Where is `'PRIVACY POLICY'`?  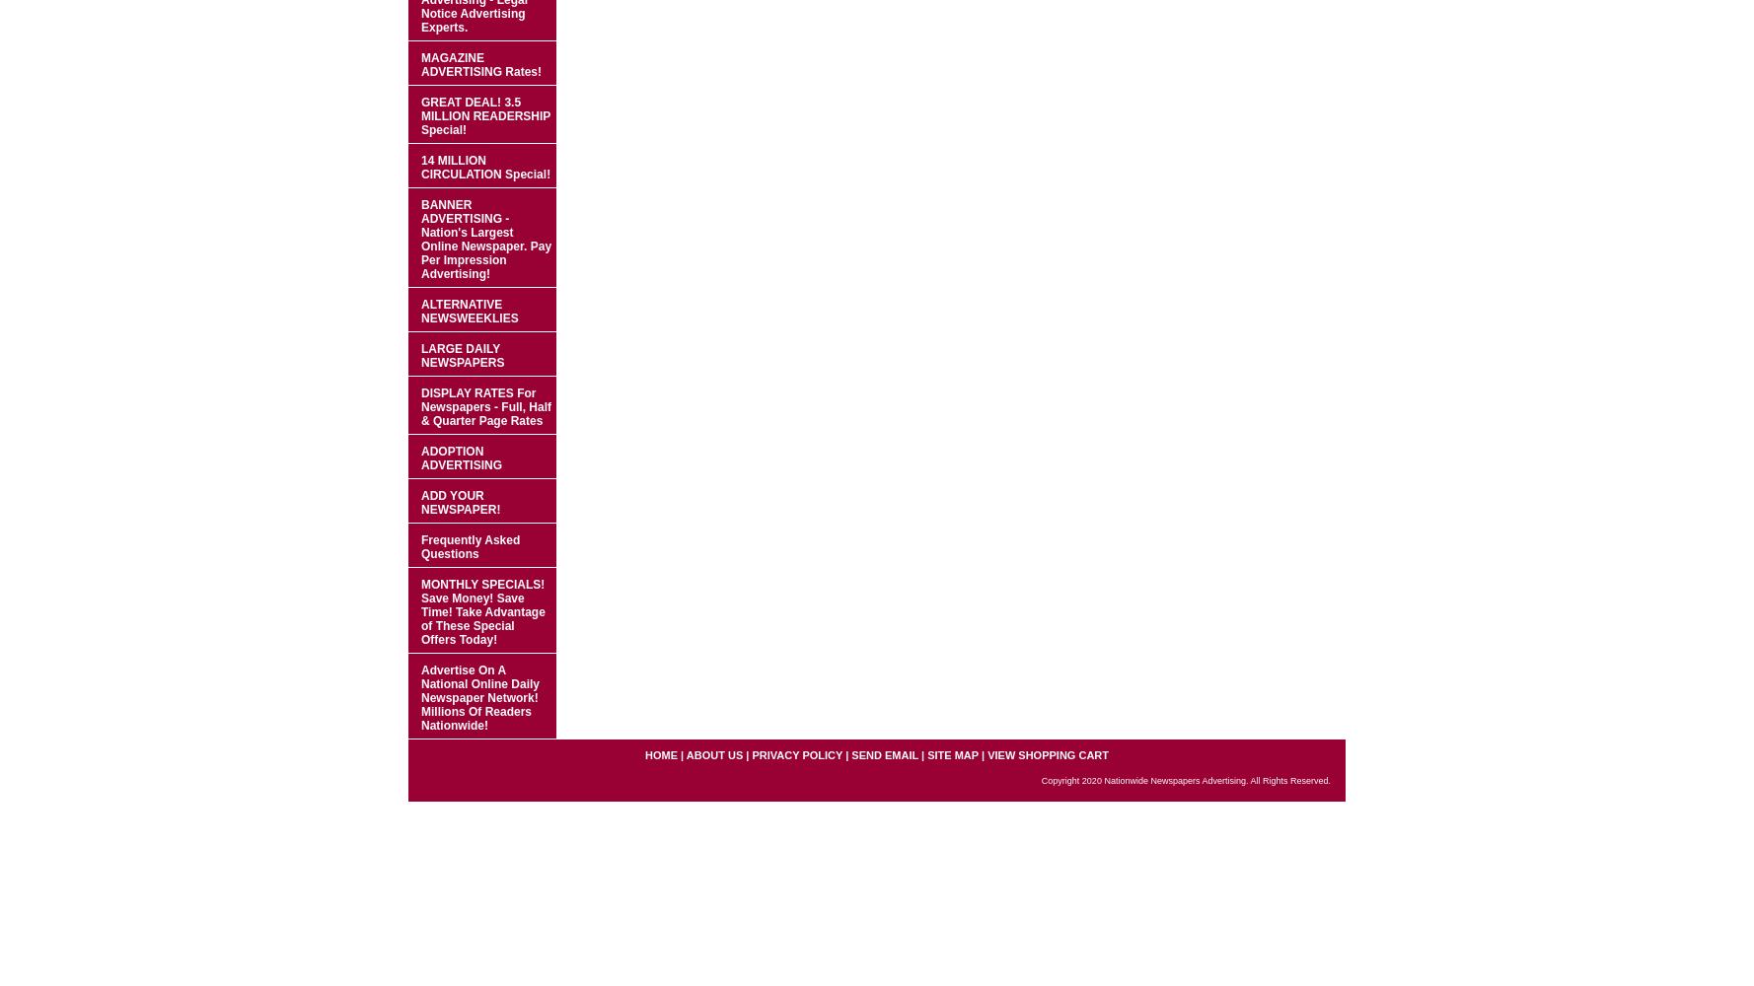 'PRIVACY POLICY' is located at coordinates (752, 755).